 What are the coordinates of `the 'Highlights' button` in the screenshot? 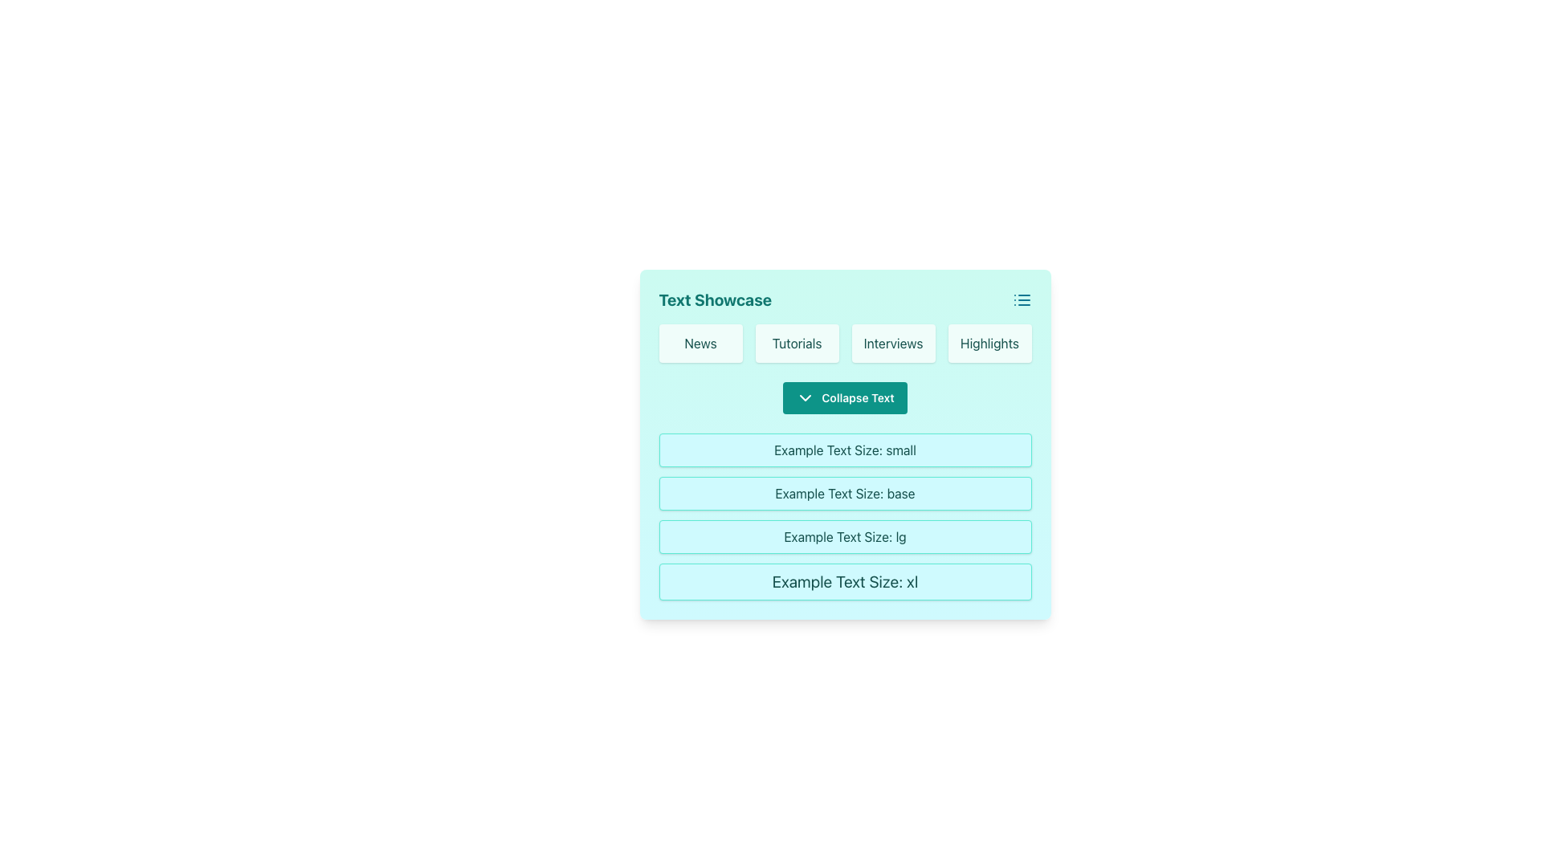 It's located at (989, 343).